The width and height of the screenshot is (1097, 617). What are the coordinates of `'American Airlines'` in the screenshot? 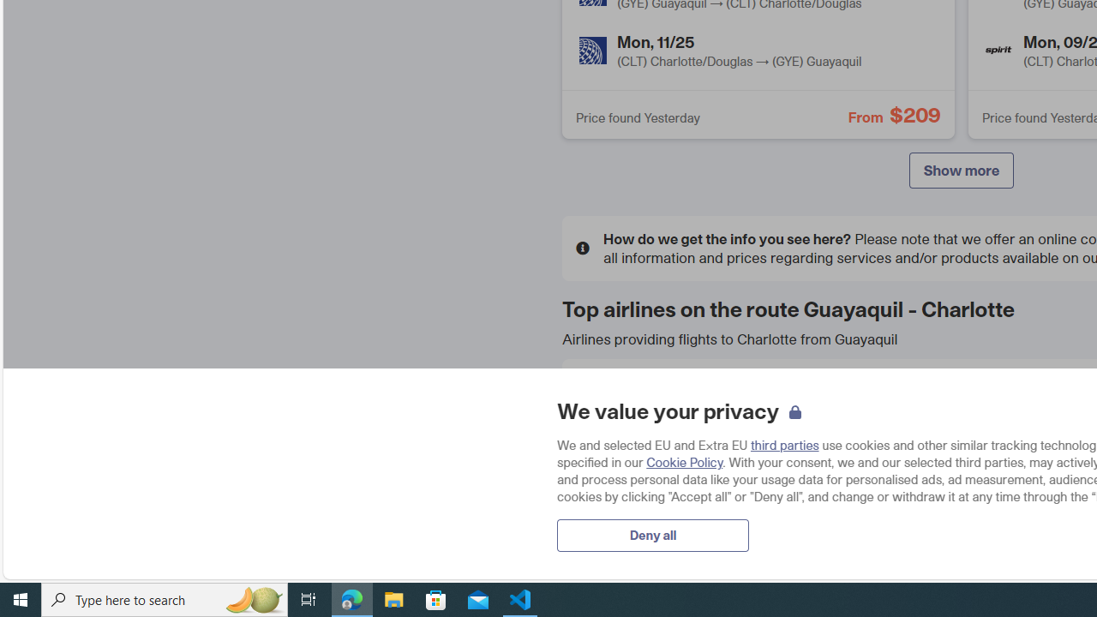 It's located at (603, 399).